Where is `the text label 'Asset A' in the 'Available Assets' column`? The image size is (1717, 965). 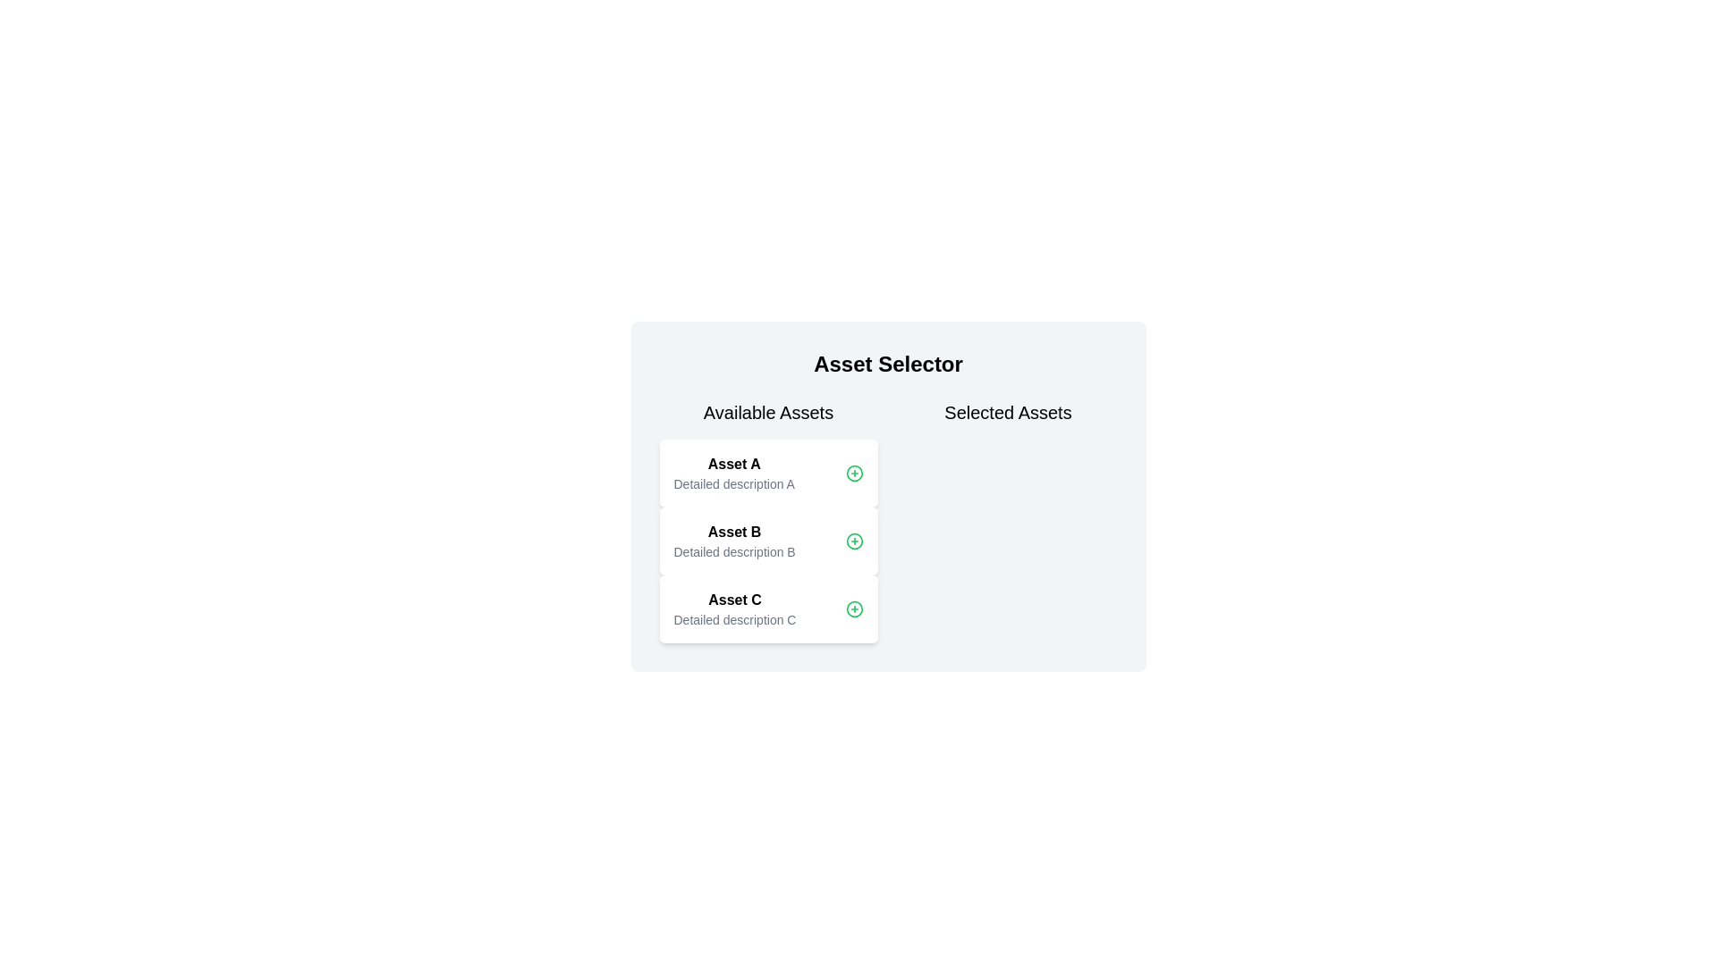
the text label 'Asset A' in the 'Available Assets' column is located at coordinates (734, 472).